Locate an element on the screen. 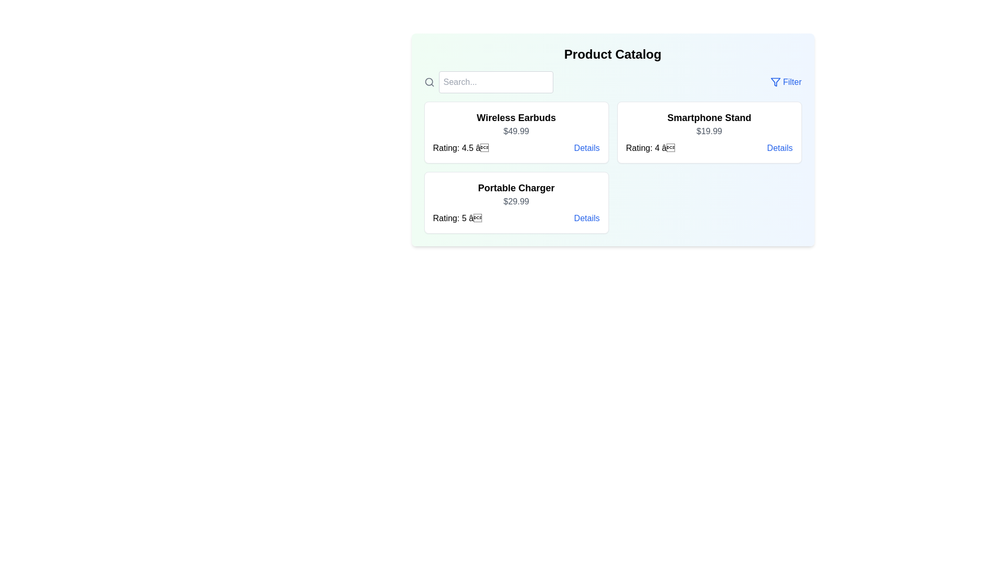 The image size is (1007, 566). the 'Filter' button to apply filters is located at coordinates (786, 82).